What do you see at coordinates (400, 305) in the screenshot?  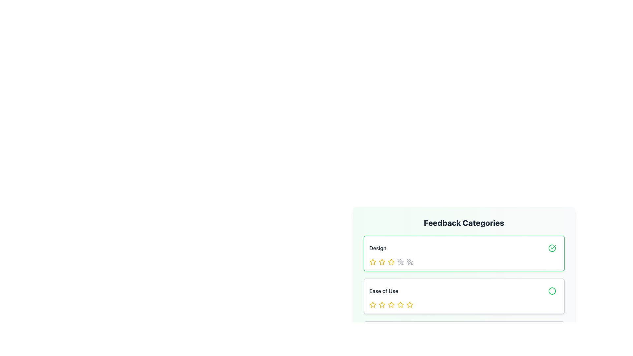 I see `the fourth yellow star-shaped rating icon under the 'Ease of Use' category` at bounding box center [400, 305].